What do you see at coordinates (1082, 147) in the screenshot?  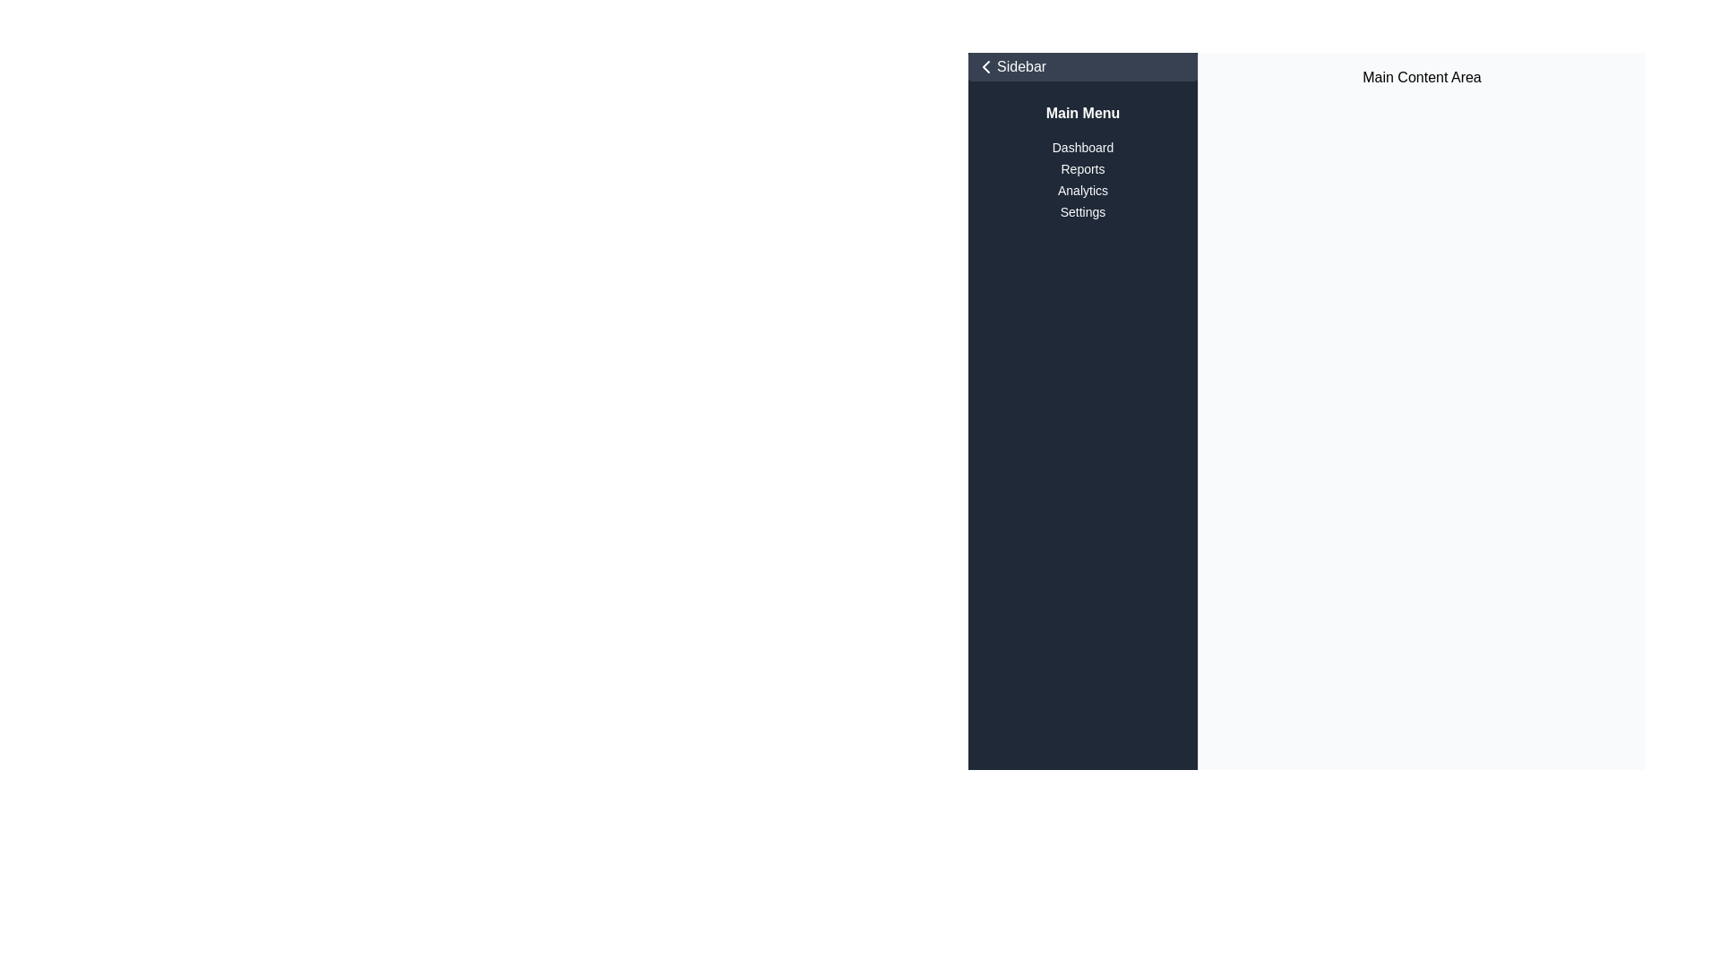 I see `the 'Dashboard' textual navigation link displayed in white font on a dark background` at bounding box center [1082, 147].